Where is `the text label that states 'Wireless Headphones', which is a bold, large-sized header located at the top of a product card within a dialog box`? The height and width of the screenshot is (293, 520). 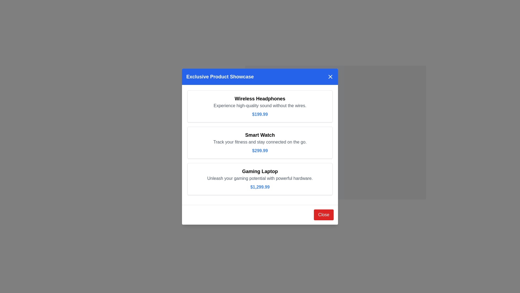 the text label that states 'Wireless Headphones', which is a bold, large-sized header located at the top of a product card within a dialog box is located at coordinates (260, 98).